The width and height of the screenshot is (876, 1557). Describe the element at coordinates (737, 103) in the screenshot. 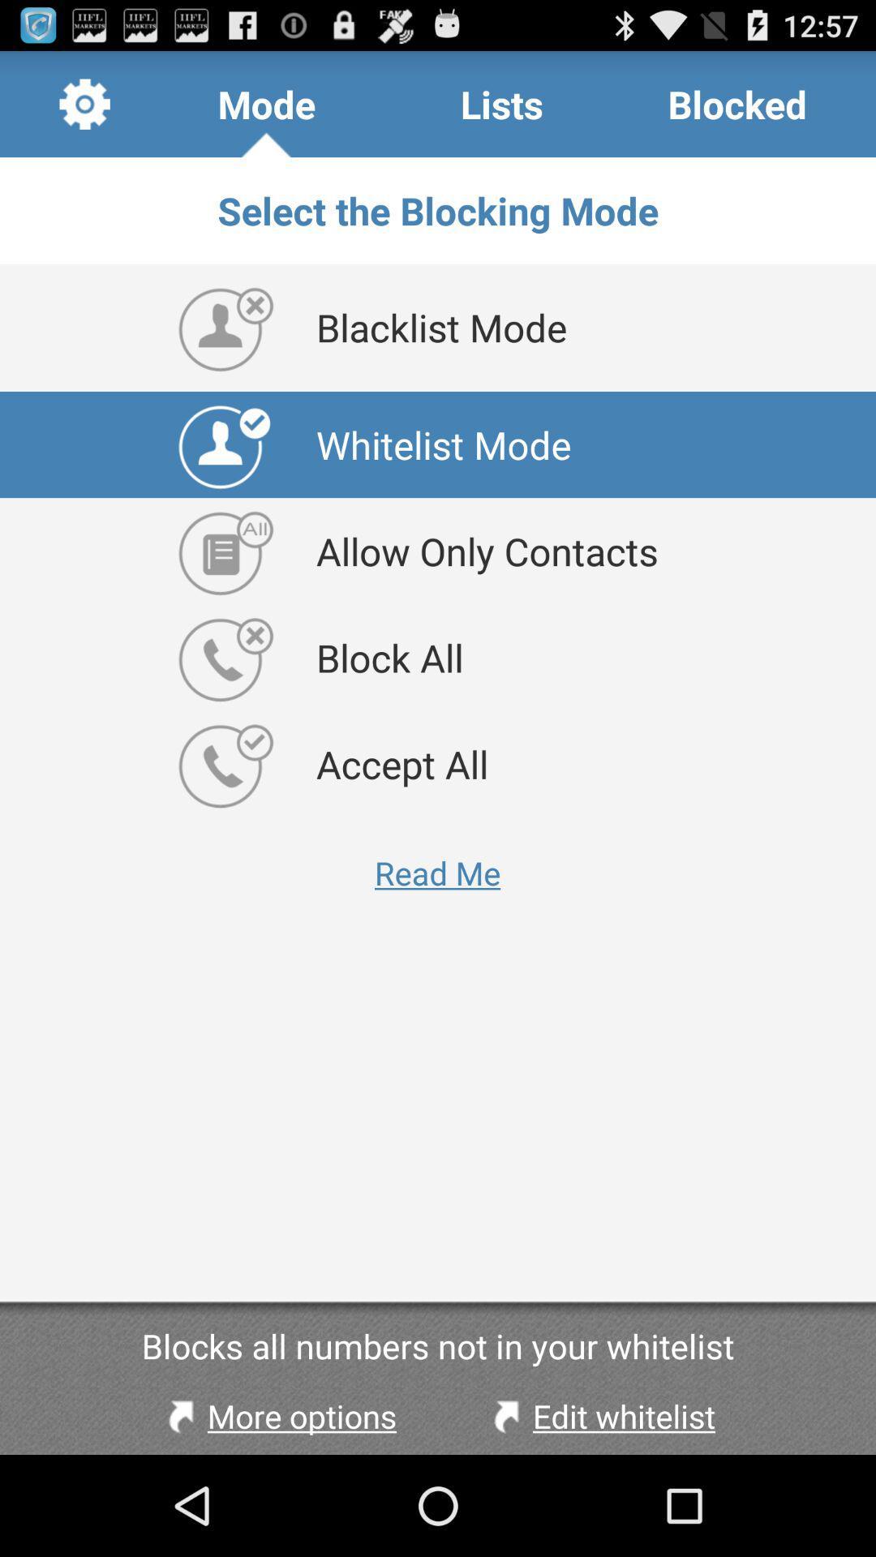

I see `item to the right of lists` at that location.